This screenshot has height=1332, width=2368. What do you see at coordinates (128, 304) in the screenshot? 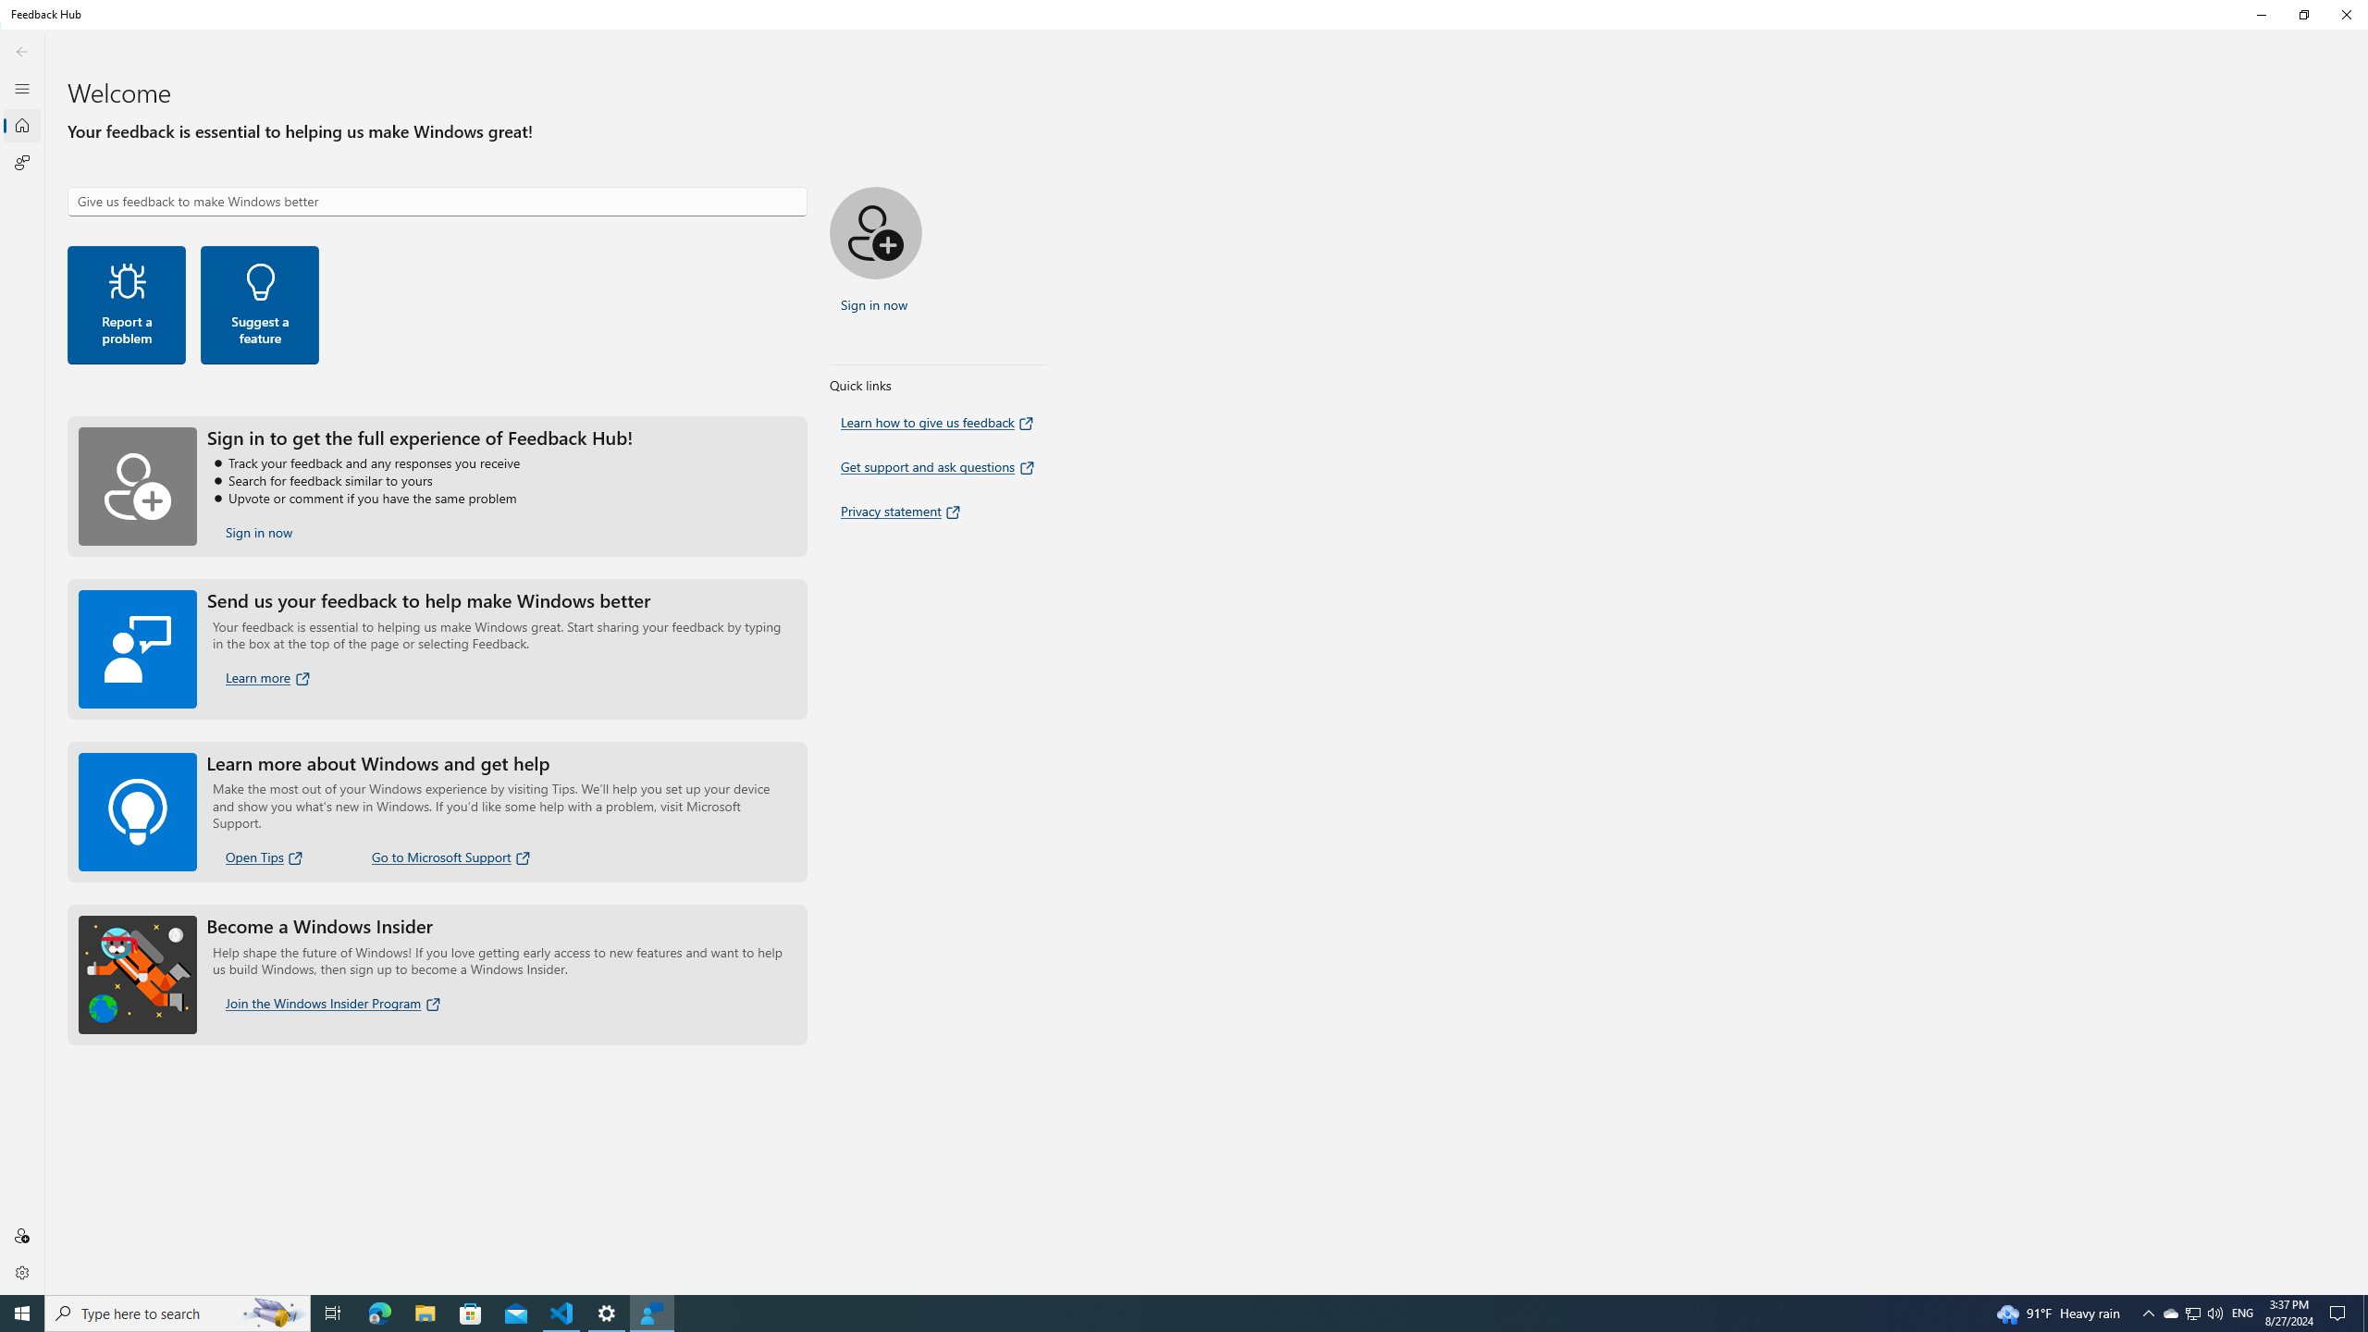
I see `'Report a problem'` at bounding box center [128, 304].